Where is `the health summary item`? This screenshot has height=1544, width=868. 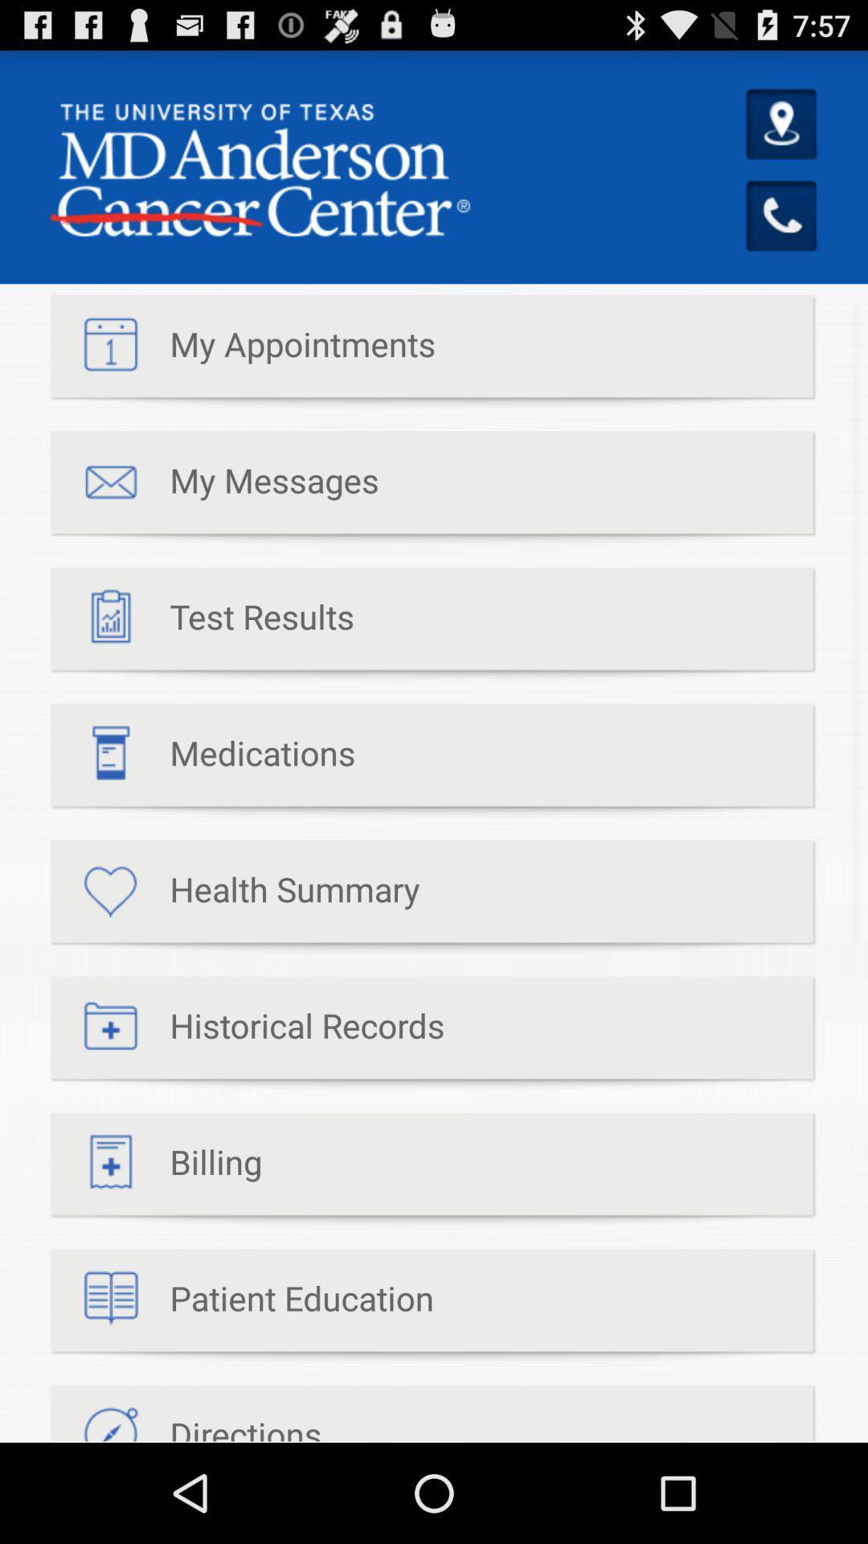
the health summary item is located at coordinates (235, 897).